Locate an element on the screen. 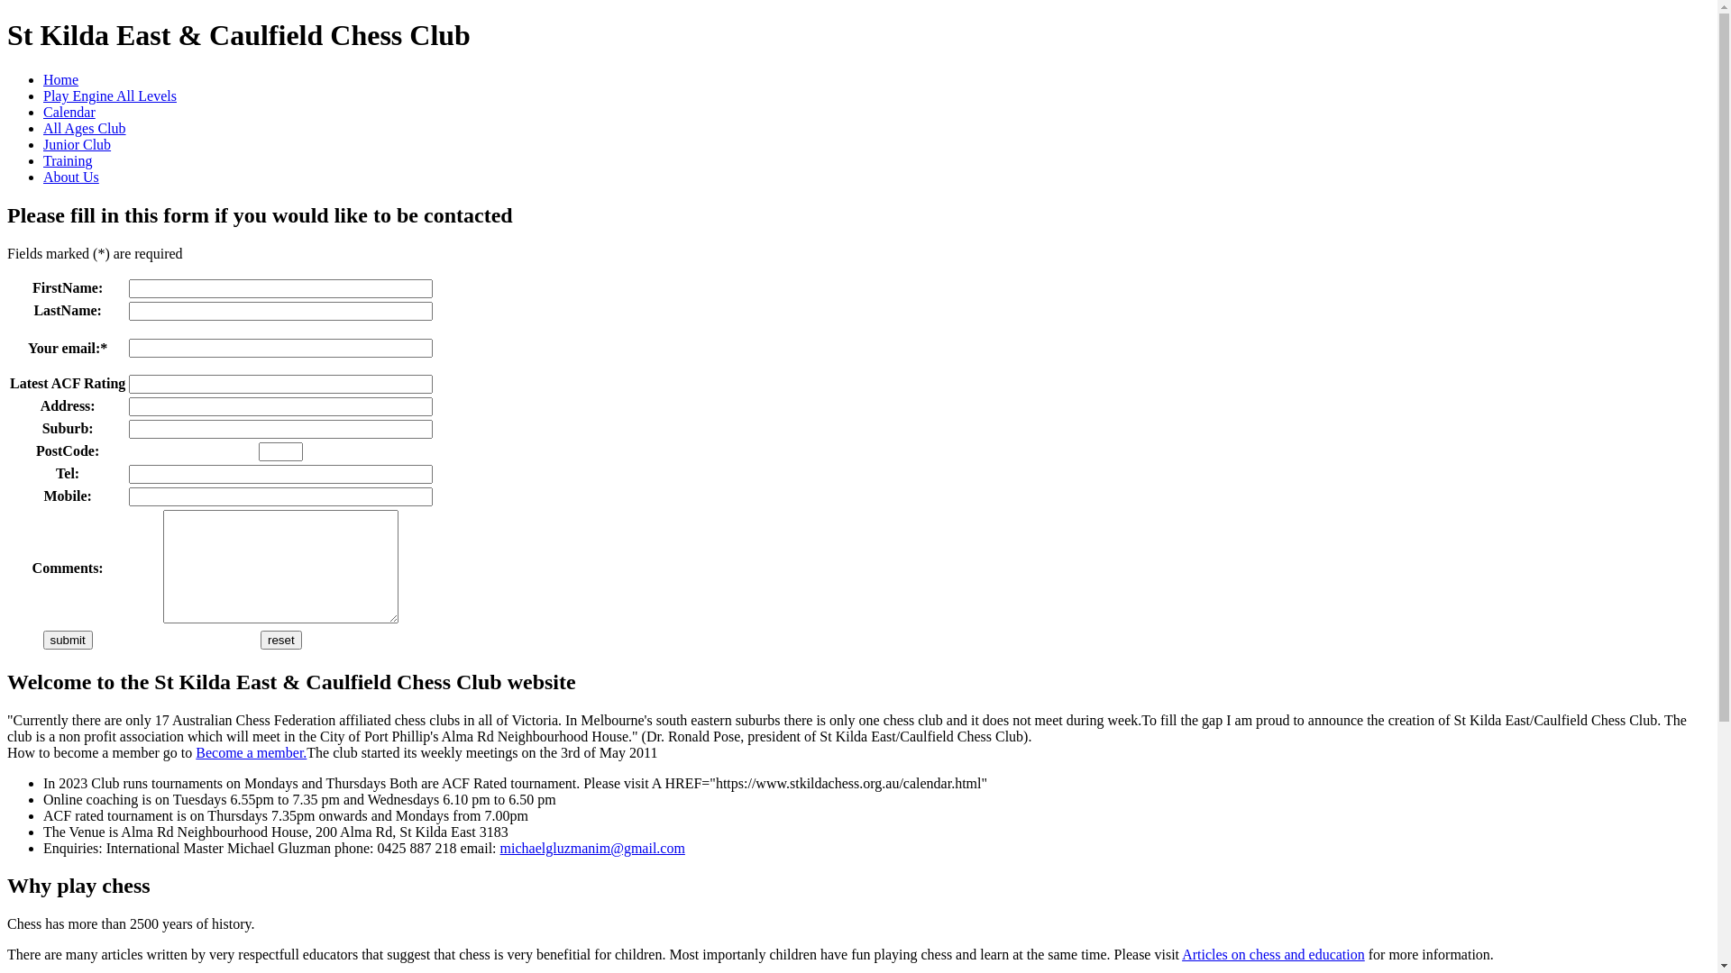 This screenshot has height=973, width=1731. 'Junior Club' is located at coordinates (76, 143).